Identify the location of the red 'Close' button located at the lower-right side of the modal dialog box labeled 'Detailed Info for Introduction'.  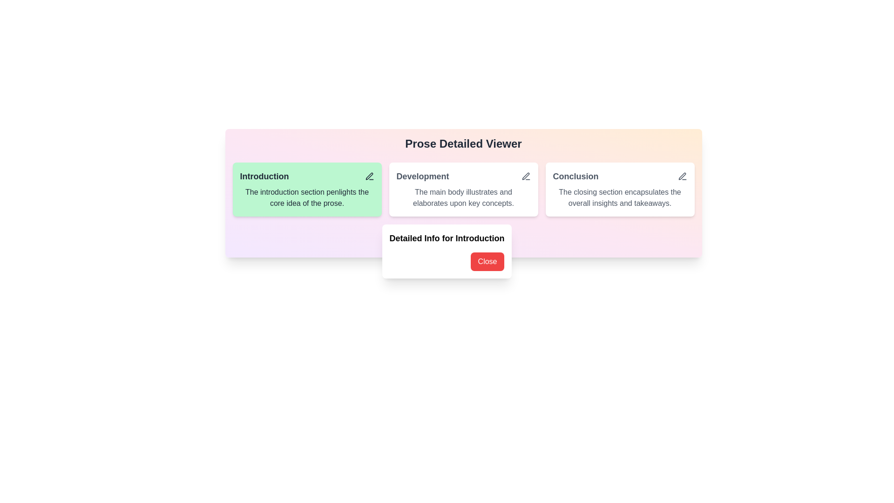
(447, 251).